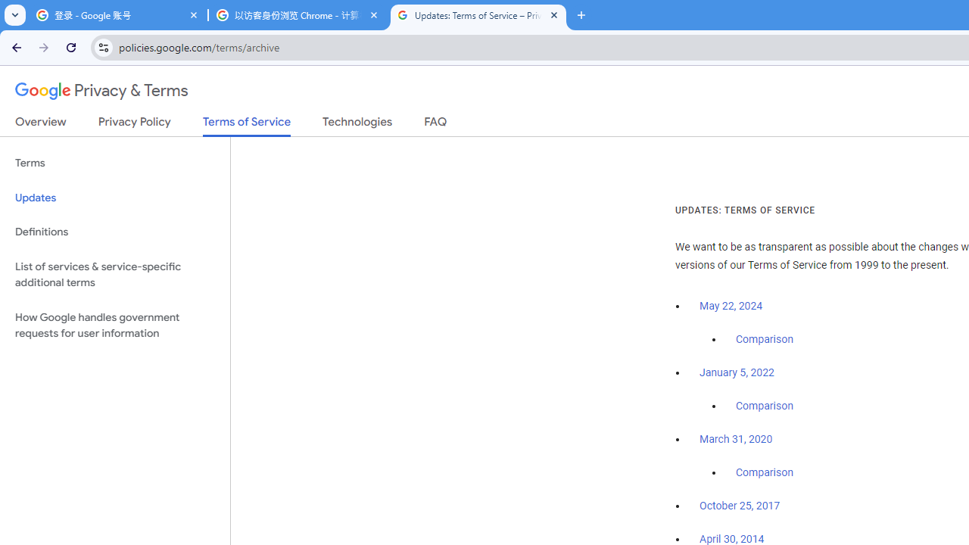 The image size is (969, 545). What do you see at coordinates (731, 307) in the screenshot?
I see `'May 22, 2024'` at bounding box center [731, 307].